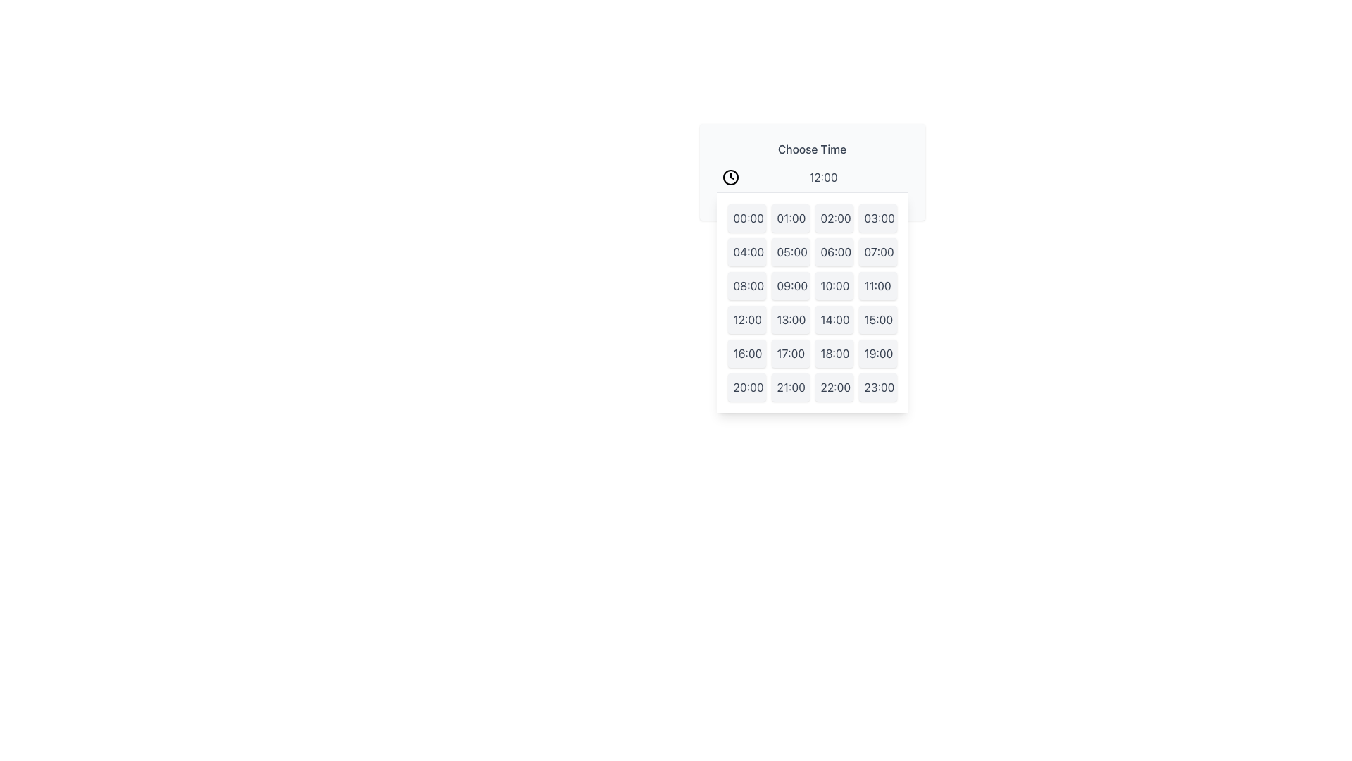 Image resolution: width=1352 pixels, height=761 pixels. Describe the element at coordinates (877, 388) in the screenshot. I see `the button labeled '23:00', which is a small rectangular button with a light gray background located at the bottom right corner of the time selection grid` at that location.